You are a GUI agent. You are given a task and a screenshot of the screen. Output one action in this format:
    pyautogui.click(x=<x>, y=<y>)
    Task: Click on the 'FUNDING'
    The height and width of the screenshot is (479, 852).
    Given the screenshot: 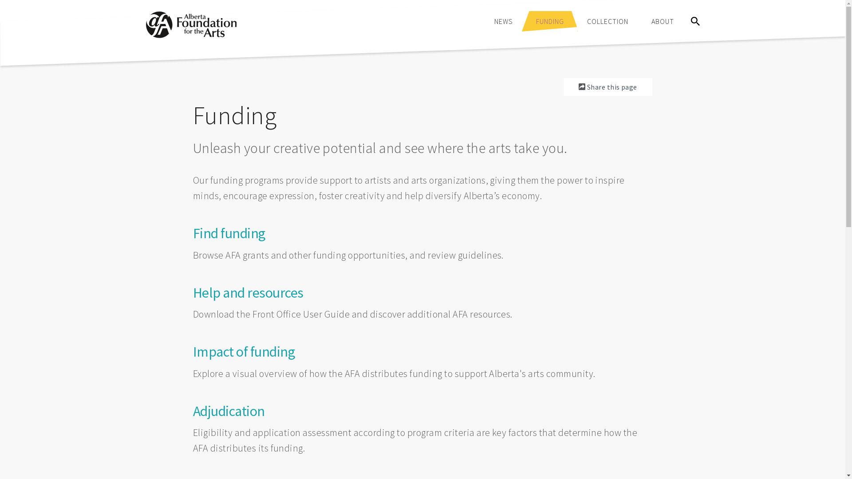 What is the action you would take?
    pyautogui.click(x=529, y=20)
    